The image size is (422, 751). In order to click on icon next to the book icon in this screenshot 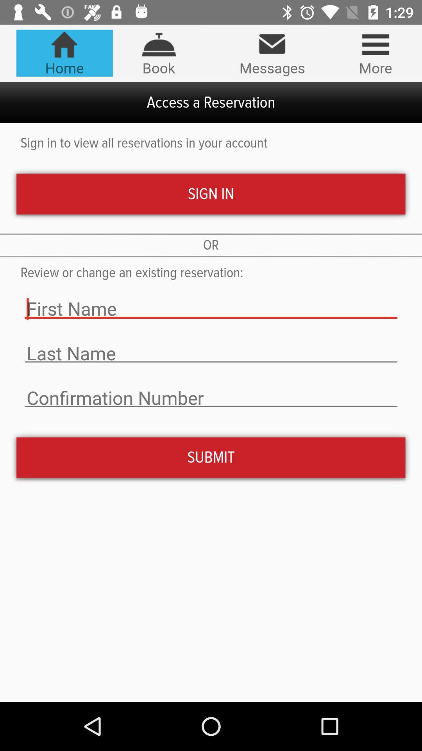, I will do `click(272, 53)`.